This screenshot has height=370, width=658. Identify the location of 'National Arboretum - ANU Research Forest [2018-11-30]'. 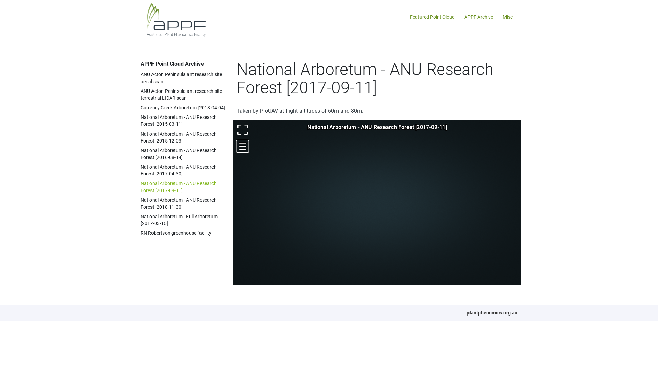
(179, 203).